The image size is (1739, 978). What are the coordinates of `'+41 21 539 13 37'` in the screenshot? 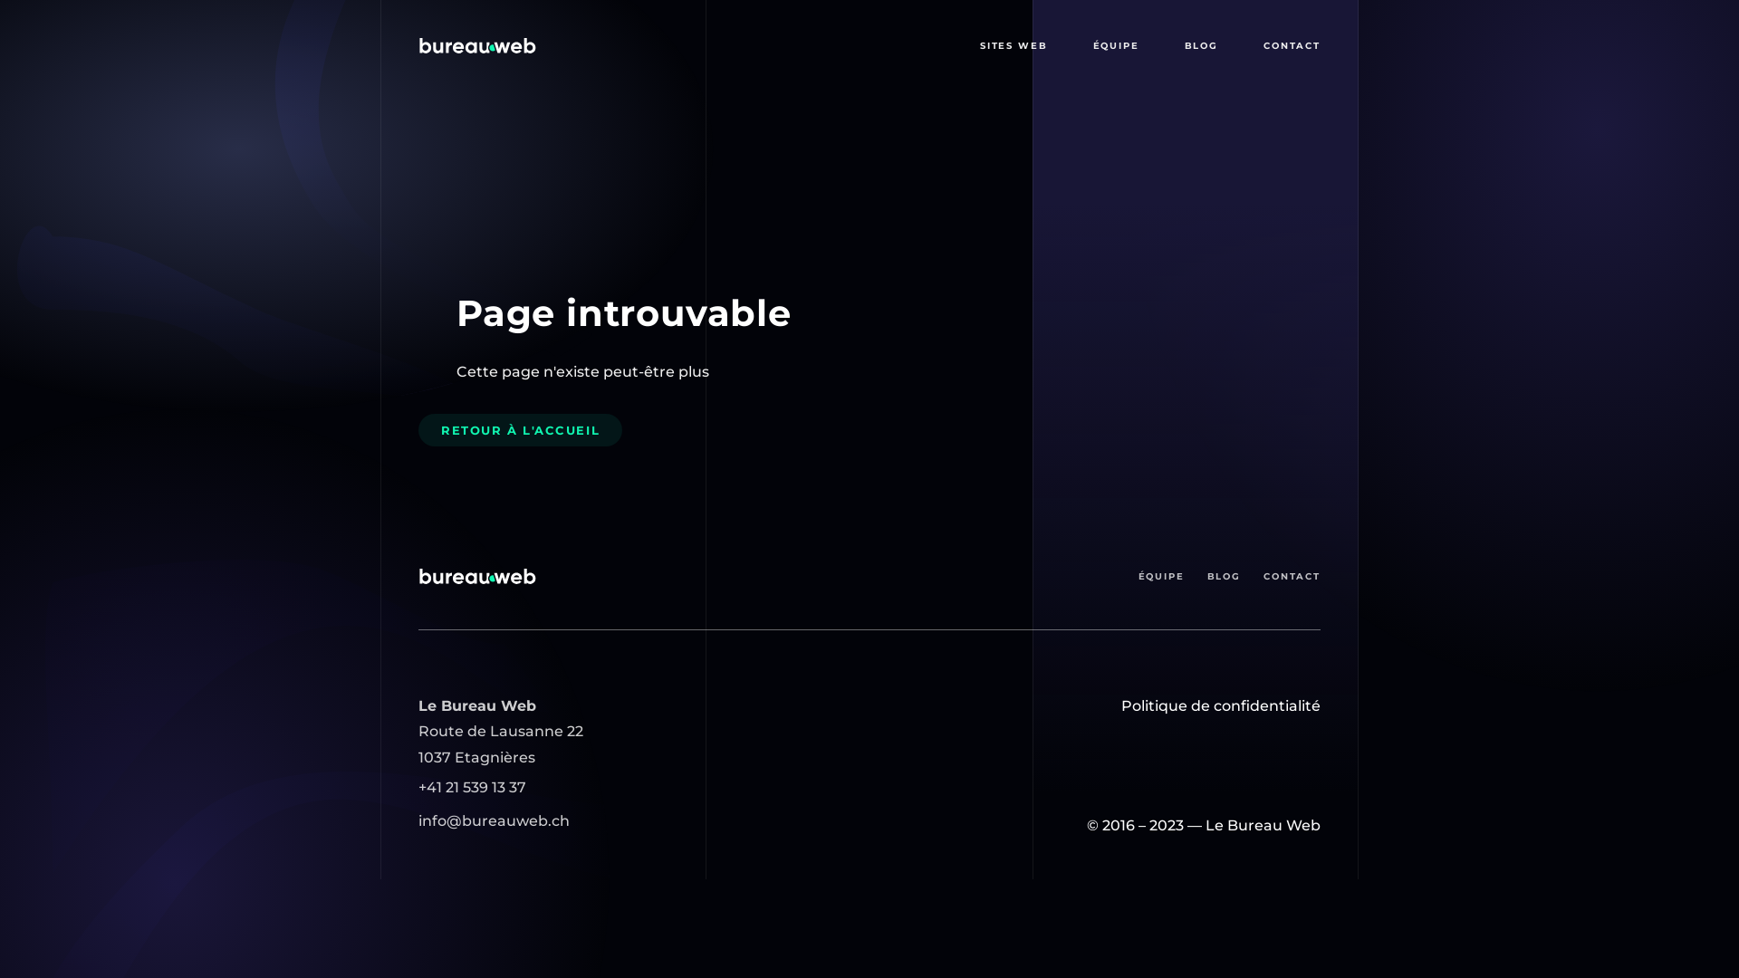 It's located at (472, 787).